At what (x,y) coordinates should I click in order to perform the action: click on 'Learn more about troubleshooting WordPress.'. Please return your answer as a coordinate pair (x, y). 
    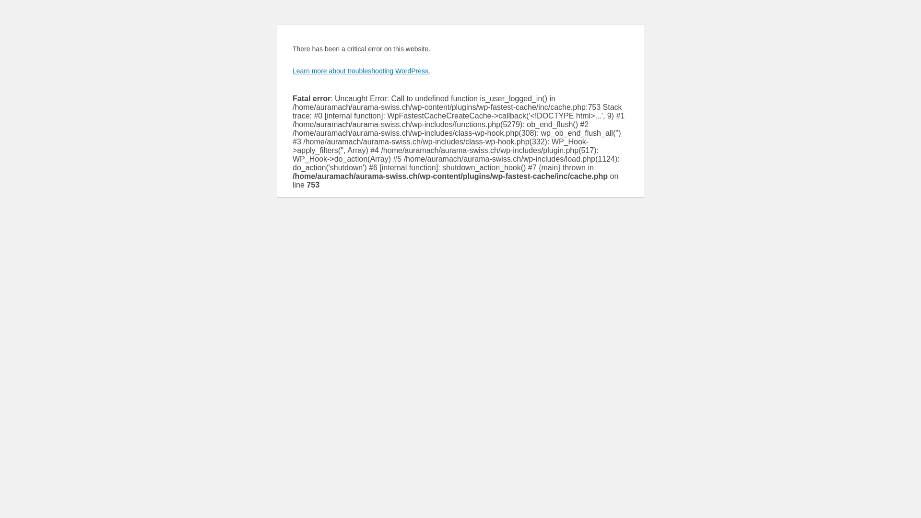
    Looking at the image, I should click on (361, 70).